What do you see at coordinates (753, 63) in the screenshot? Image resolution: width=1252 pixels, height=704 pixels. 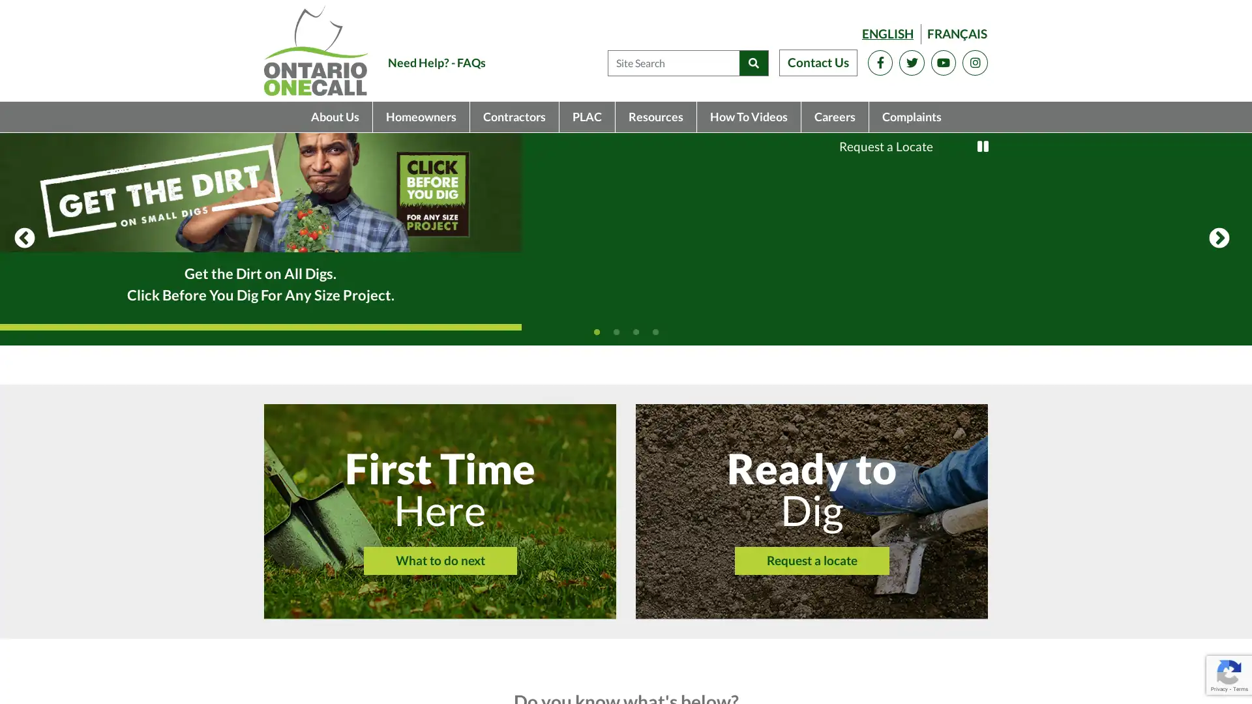 I see `Search` at bounding box center [753, 63].